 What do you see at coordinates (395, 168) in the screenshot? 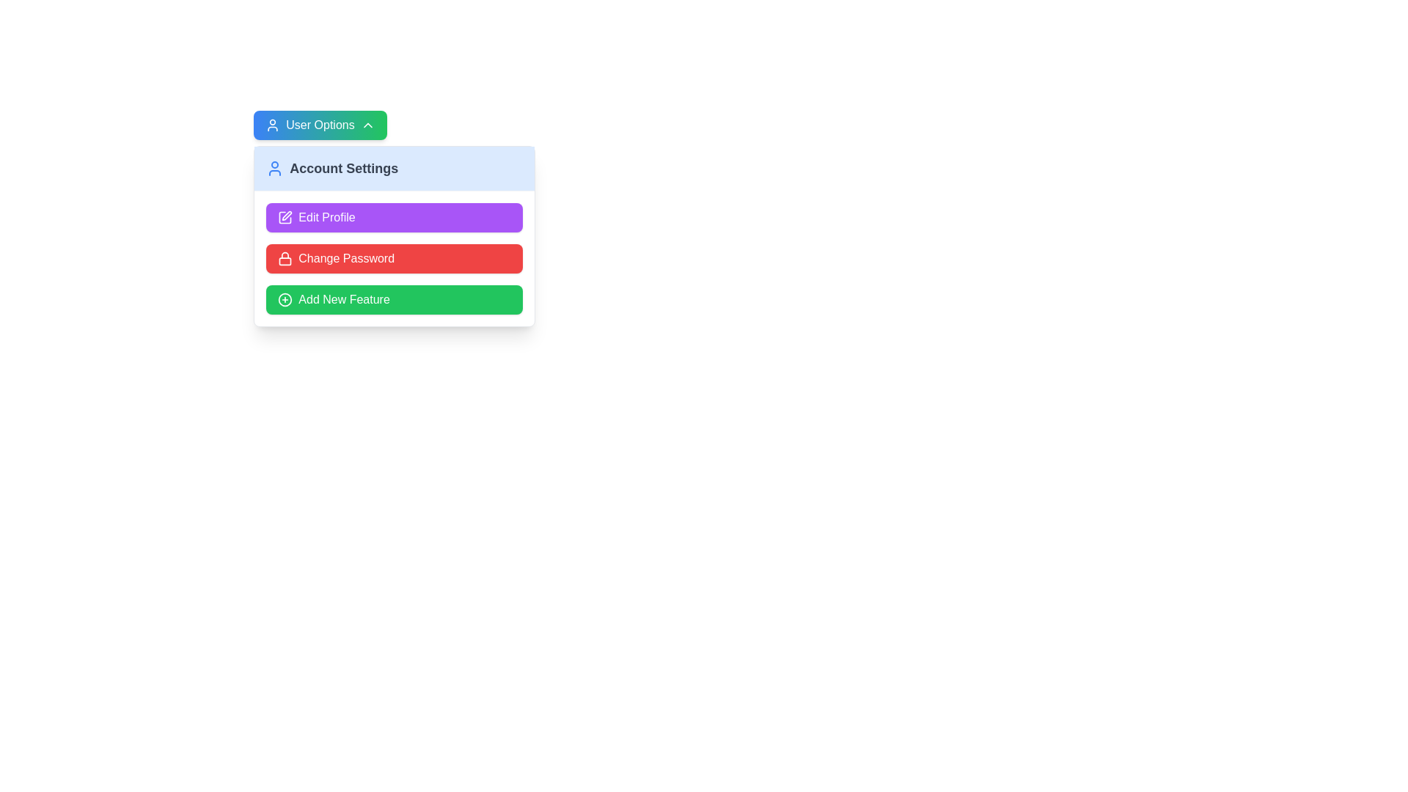
I see `the 'Account Settings' label element, which is highlighted with a light blue background and contains a user account icon on the left and bold, dark gray text centered within its area, located below the 'User Options' button` at bounding box center [395, 168].